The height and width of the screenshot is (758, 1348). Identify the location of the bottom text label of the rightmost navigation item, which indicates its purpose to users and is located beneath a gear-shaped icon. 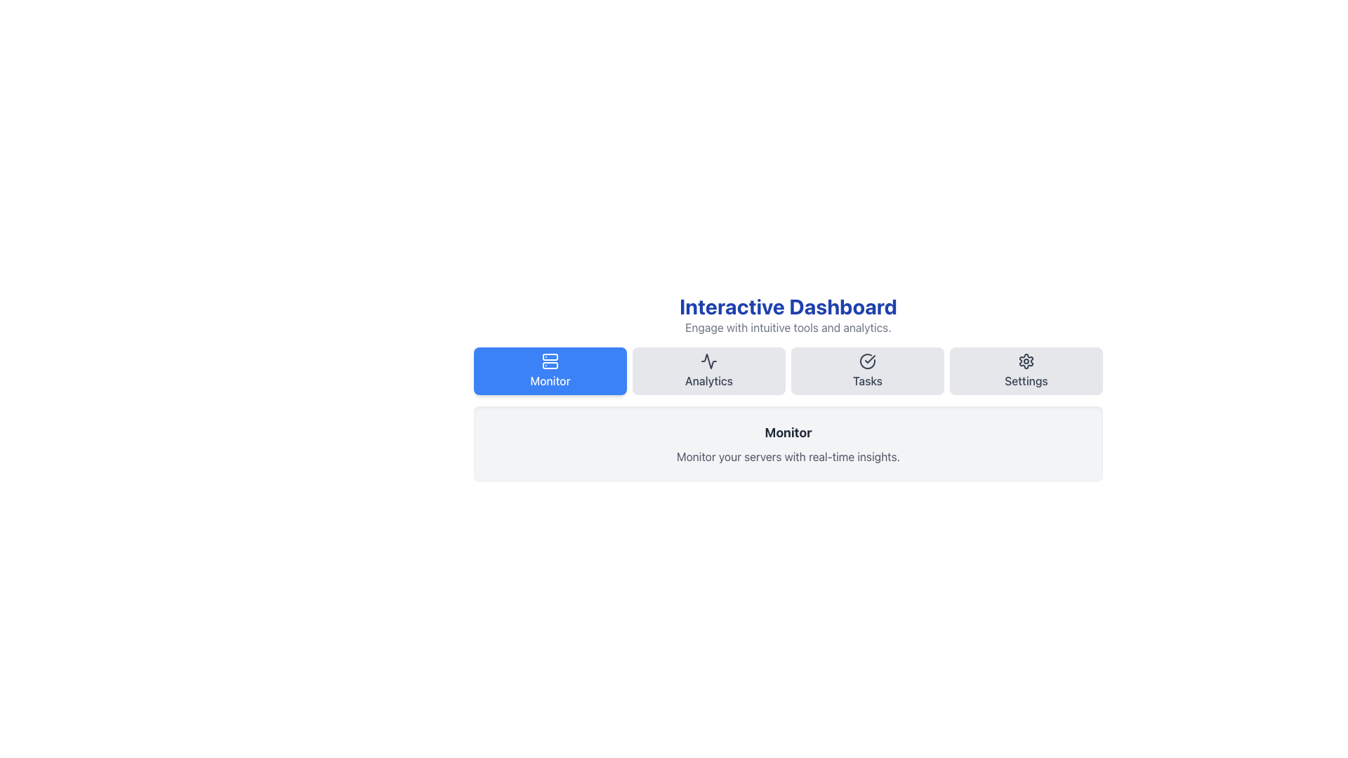
(1026, 381).